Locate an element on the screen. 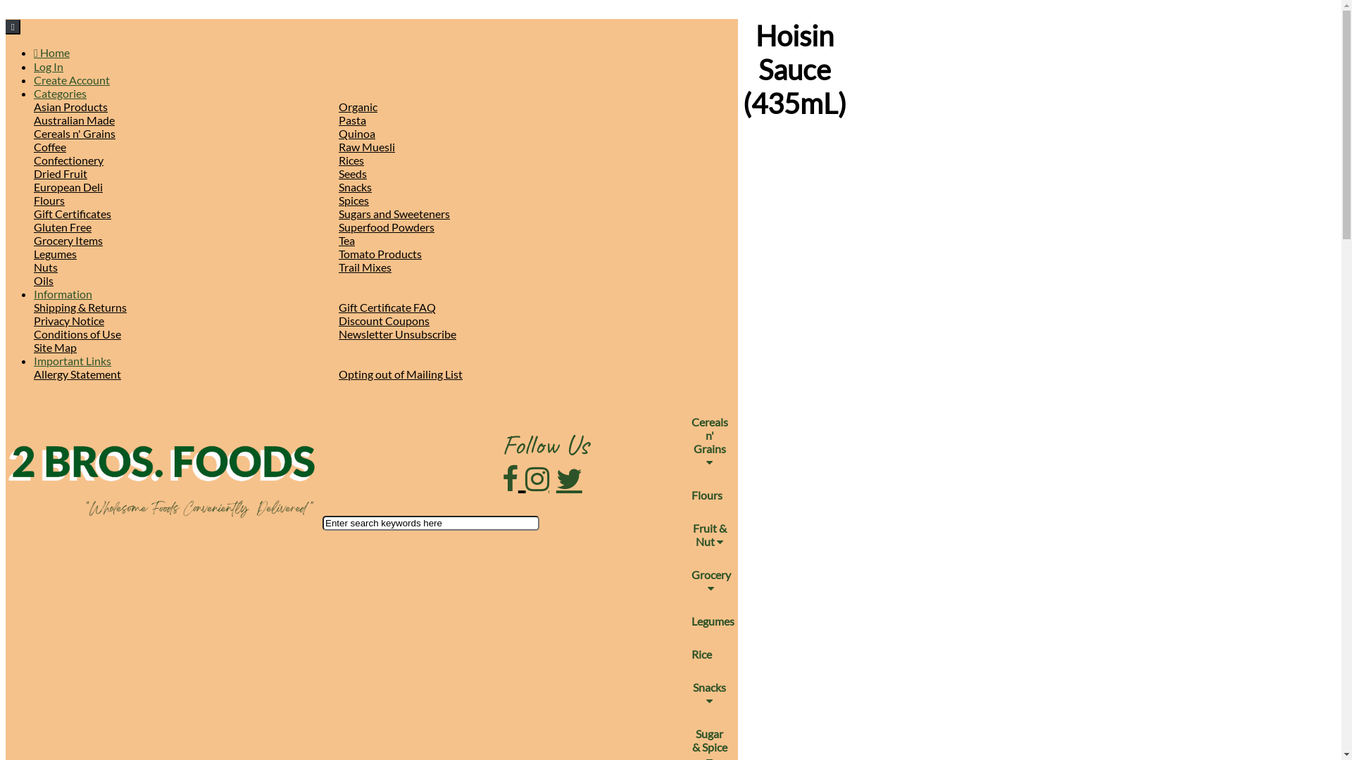 The width and height of the screenshot is (1352, 760). 'Grocery Items' is located at coordinates (67, 239).